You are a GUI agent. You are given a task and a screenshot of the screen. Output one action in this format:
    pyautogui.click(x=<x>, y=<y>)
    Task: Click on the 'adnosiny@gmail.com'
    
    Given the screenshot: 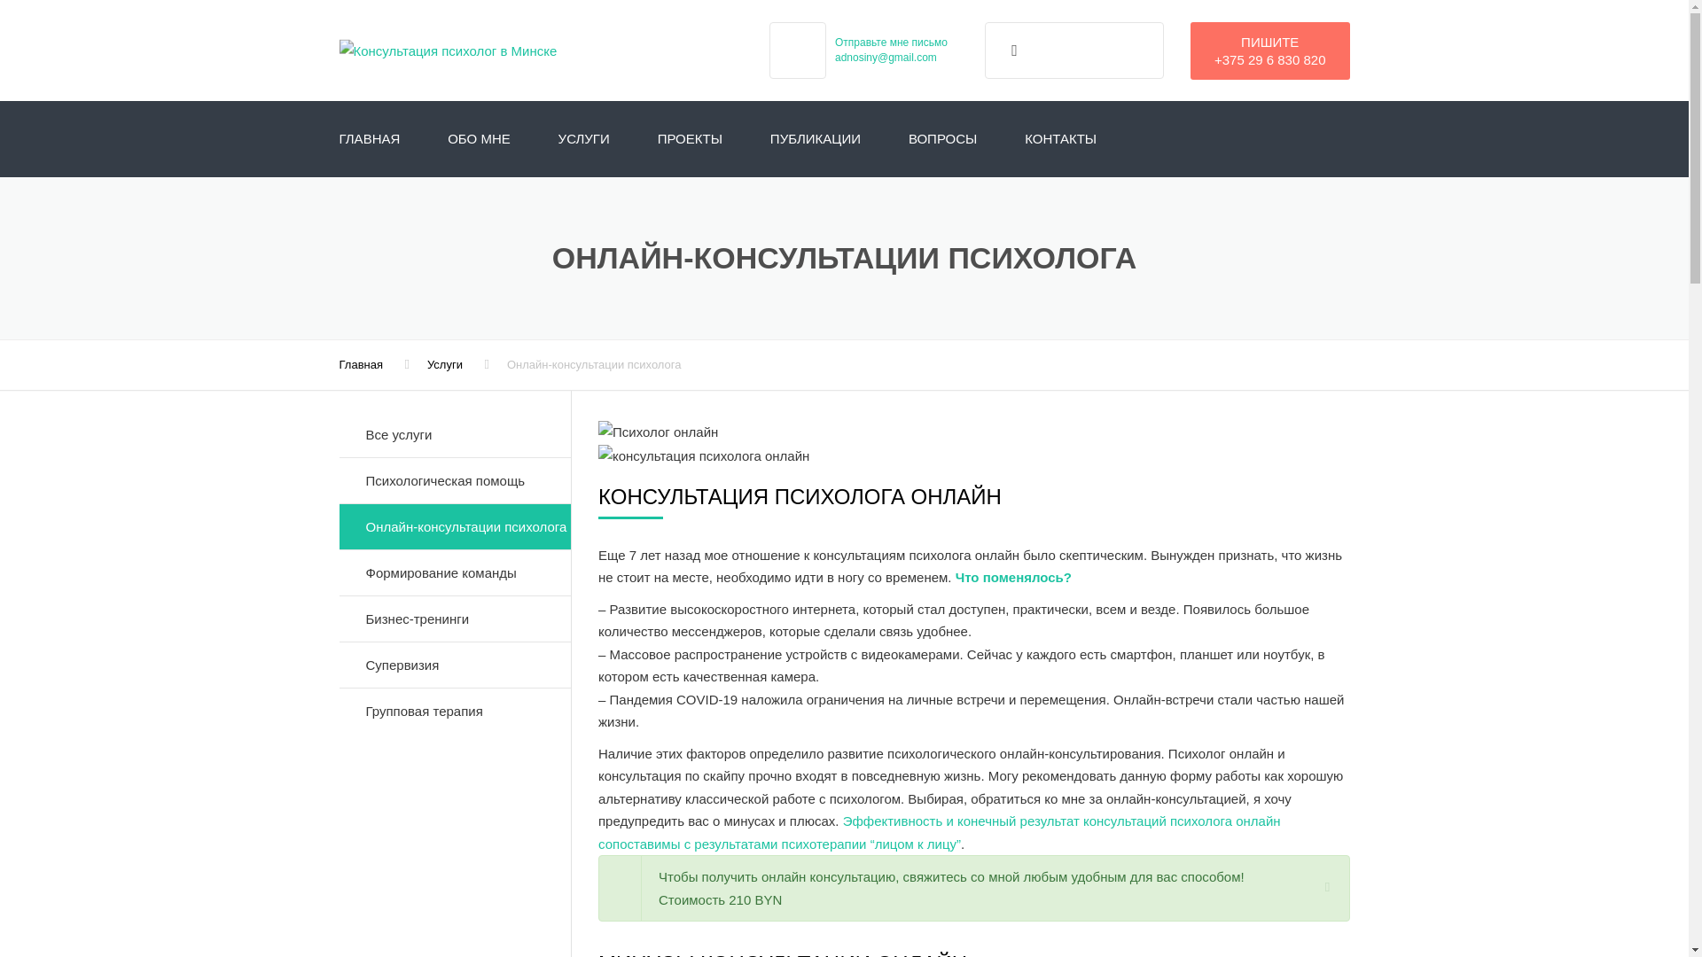 What is the action you would take?
    pyautogui.click(x=886, y=57)
    